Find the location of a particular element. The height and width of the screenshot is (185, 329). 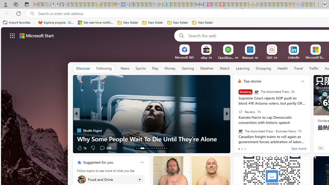

'LinkedIn' is located at coordinates (294, 57).